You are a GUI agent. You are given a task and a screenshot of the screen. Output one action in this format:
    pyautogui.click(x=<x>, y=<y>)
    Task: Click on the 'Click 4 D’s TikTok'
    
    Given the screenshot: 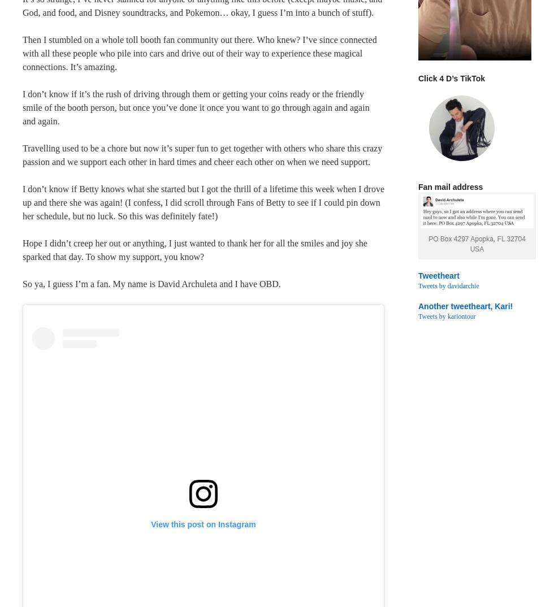 What is the action you would take?
    pyautogui.click(x=451, y=77)
    